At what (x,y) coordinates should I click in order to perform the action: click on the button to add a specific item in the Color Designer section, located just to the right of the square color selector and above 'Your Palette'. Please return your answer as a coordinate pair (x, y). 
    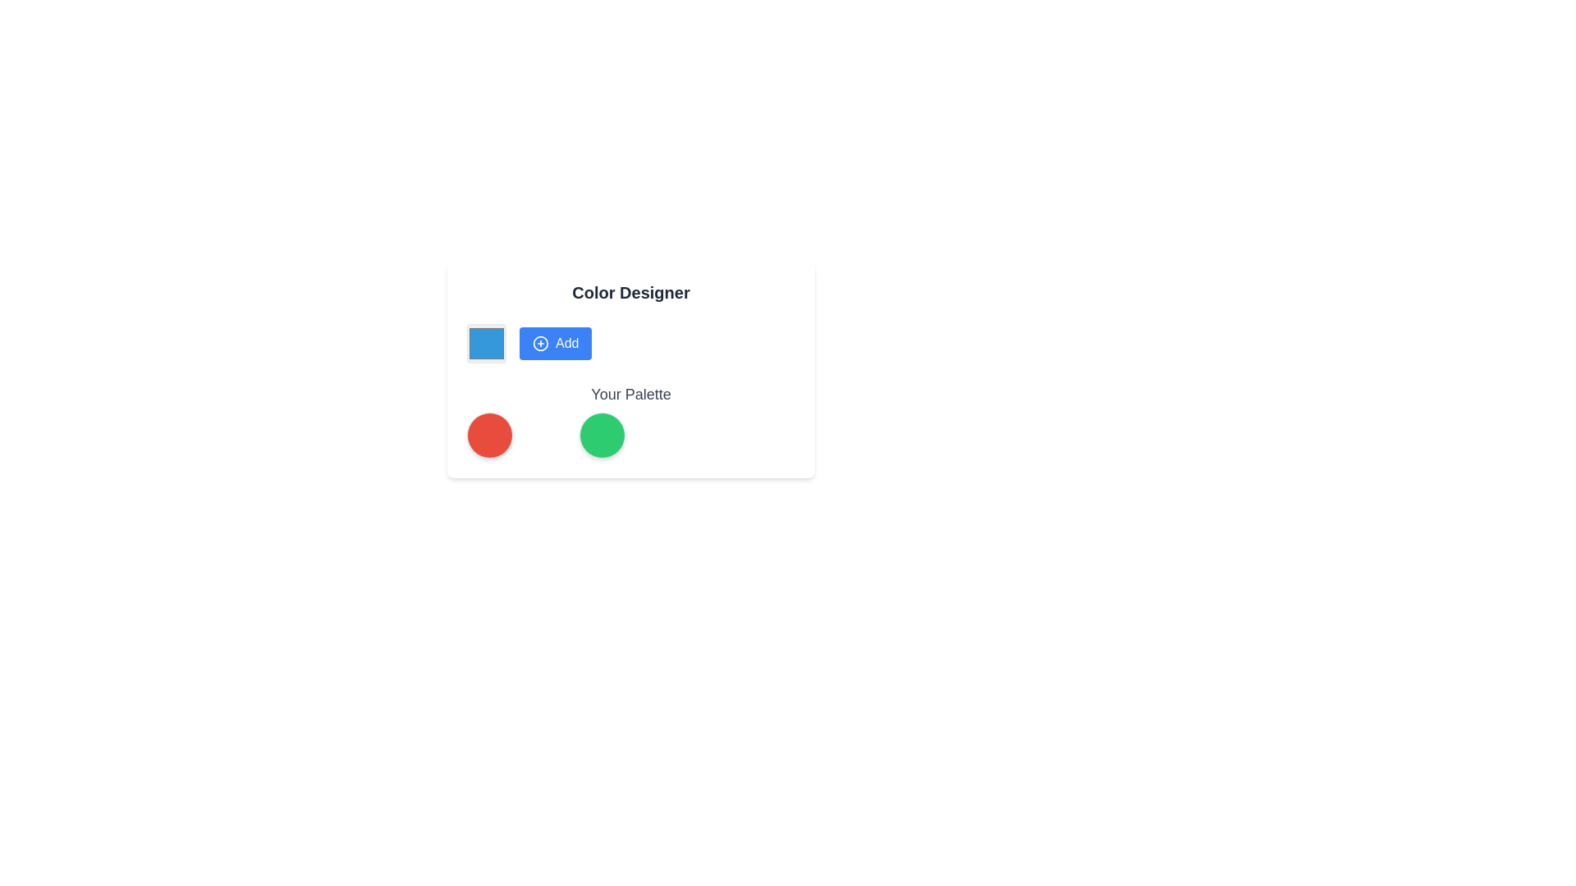
    Looking at the image, I should click on (630, 343).